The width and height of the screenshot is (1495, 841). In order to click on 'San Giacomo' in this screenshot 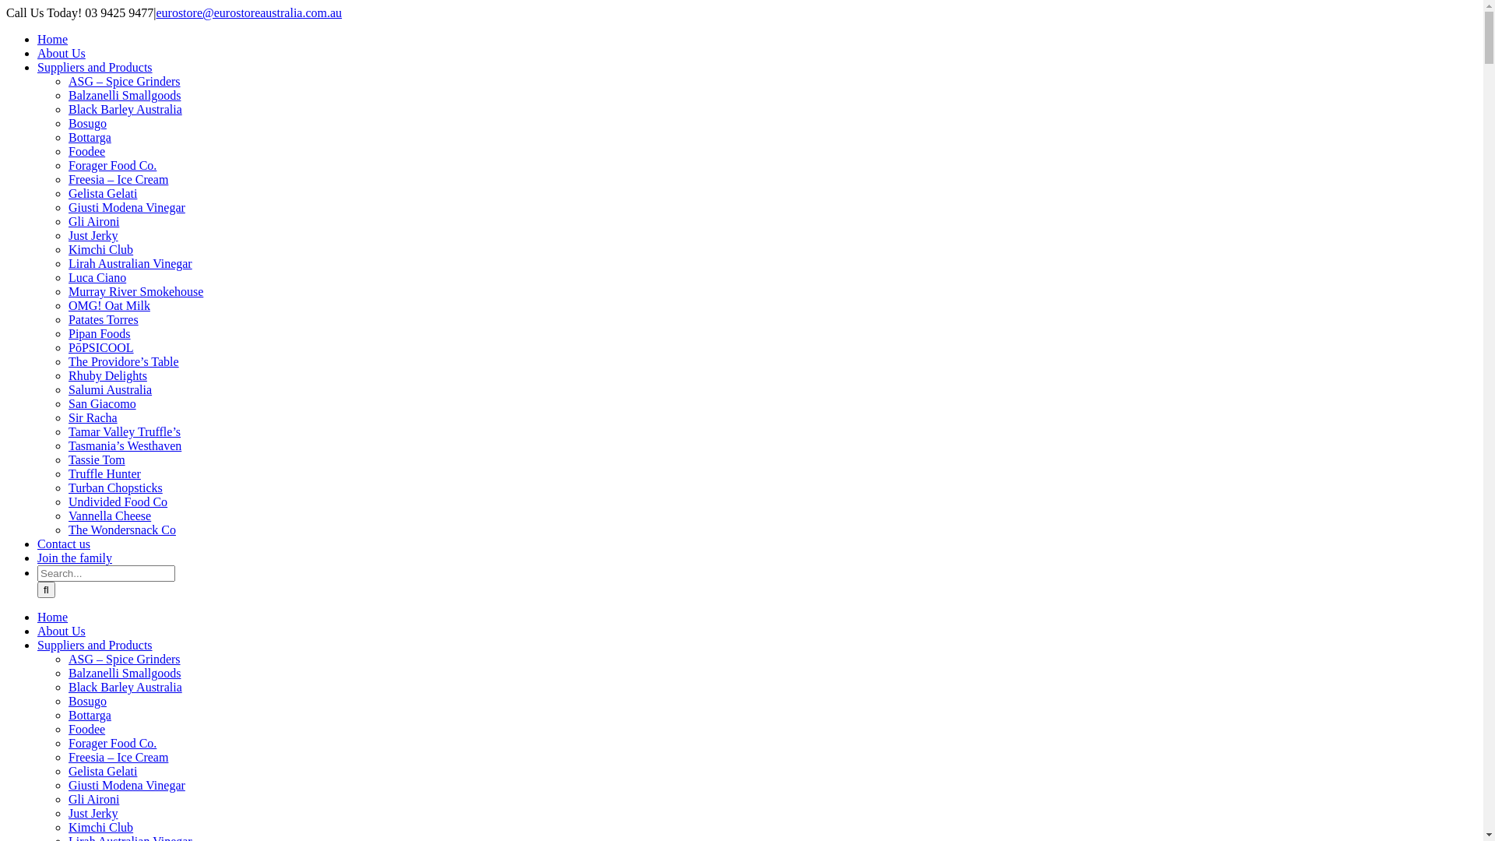, I will do `click(101, 403)`.